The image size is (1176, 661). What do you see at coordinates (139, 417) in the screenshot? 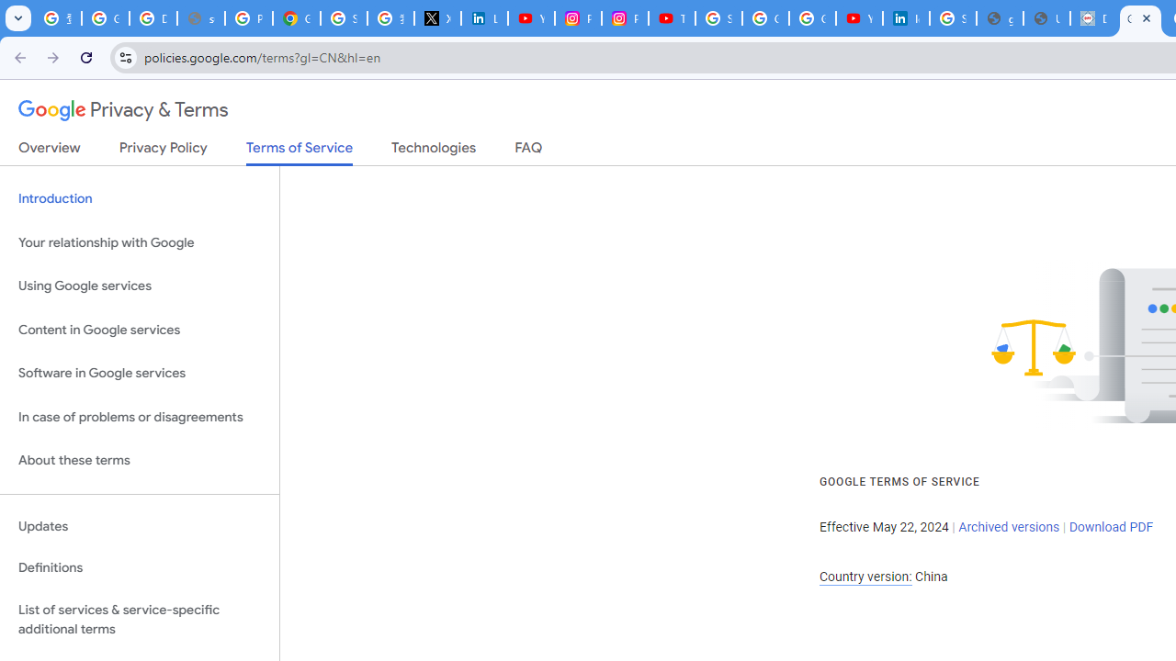
I see `'In case of problems or disagreements'` at bounding box center [139, 417].